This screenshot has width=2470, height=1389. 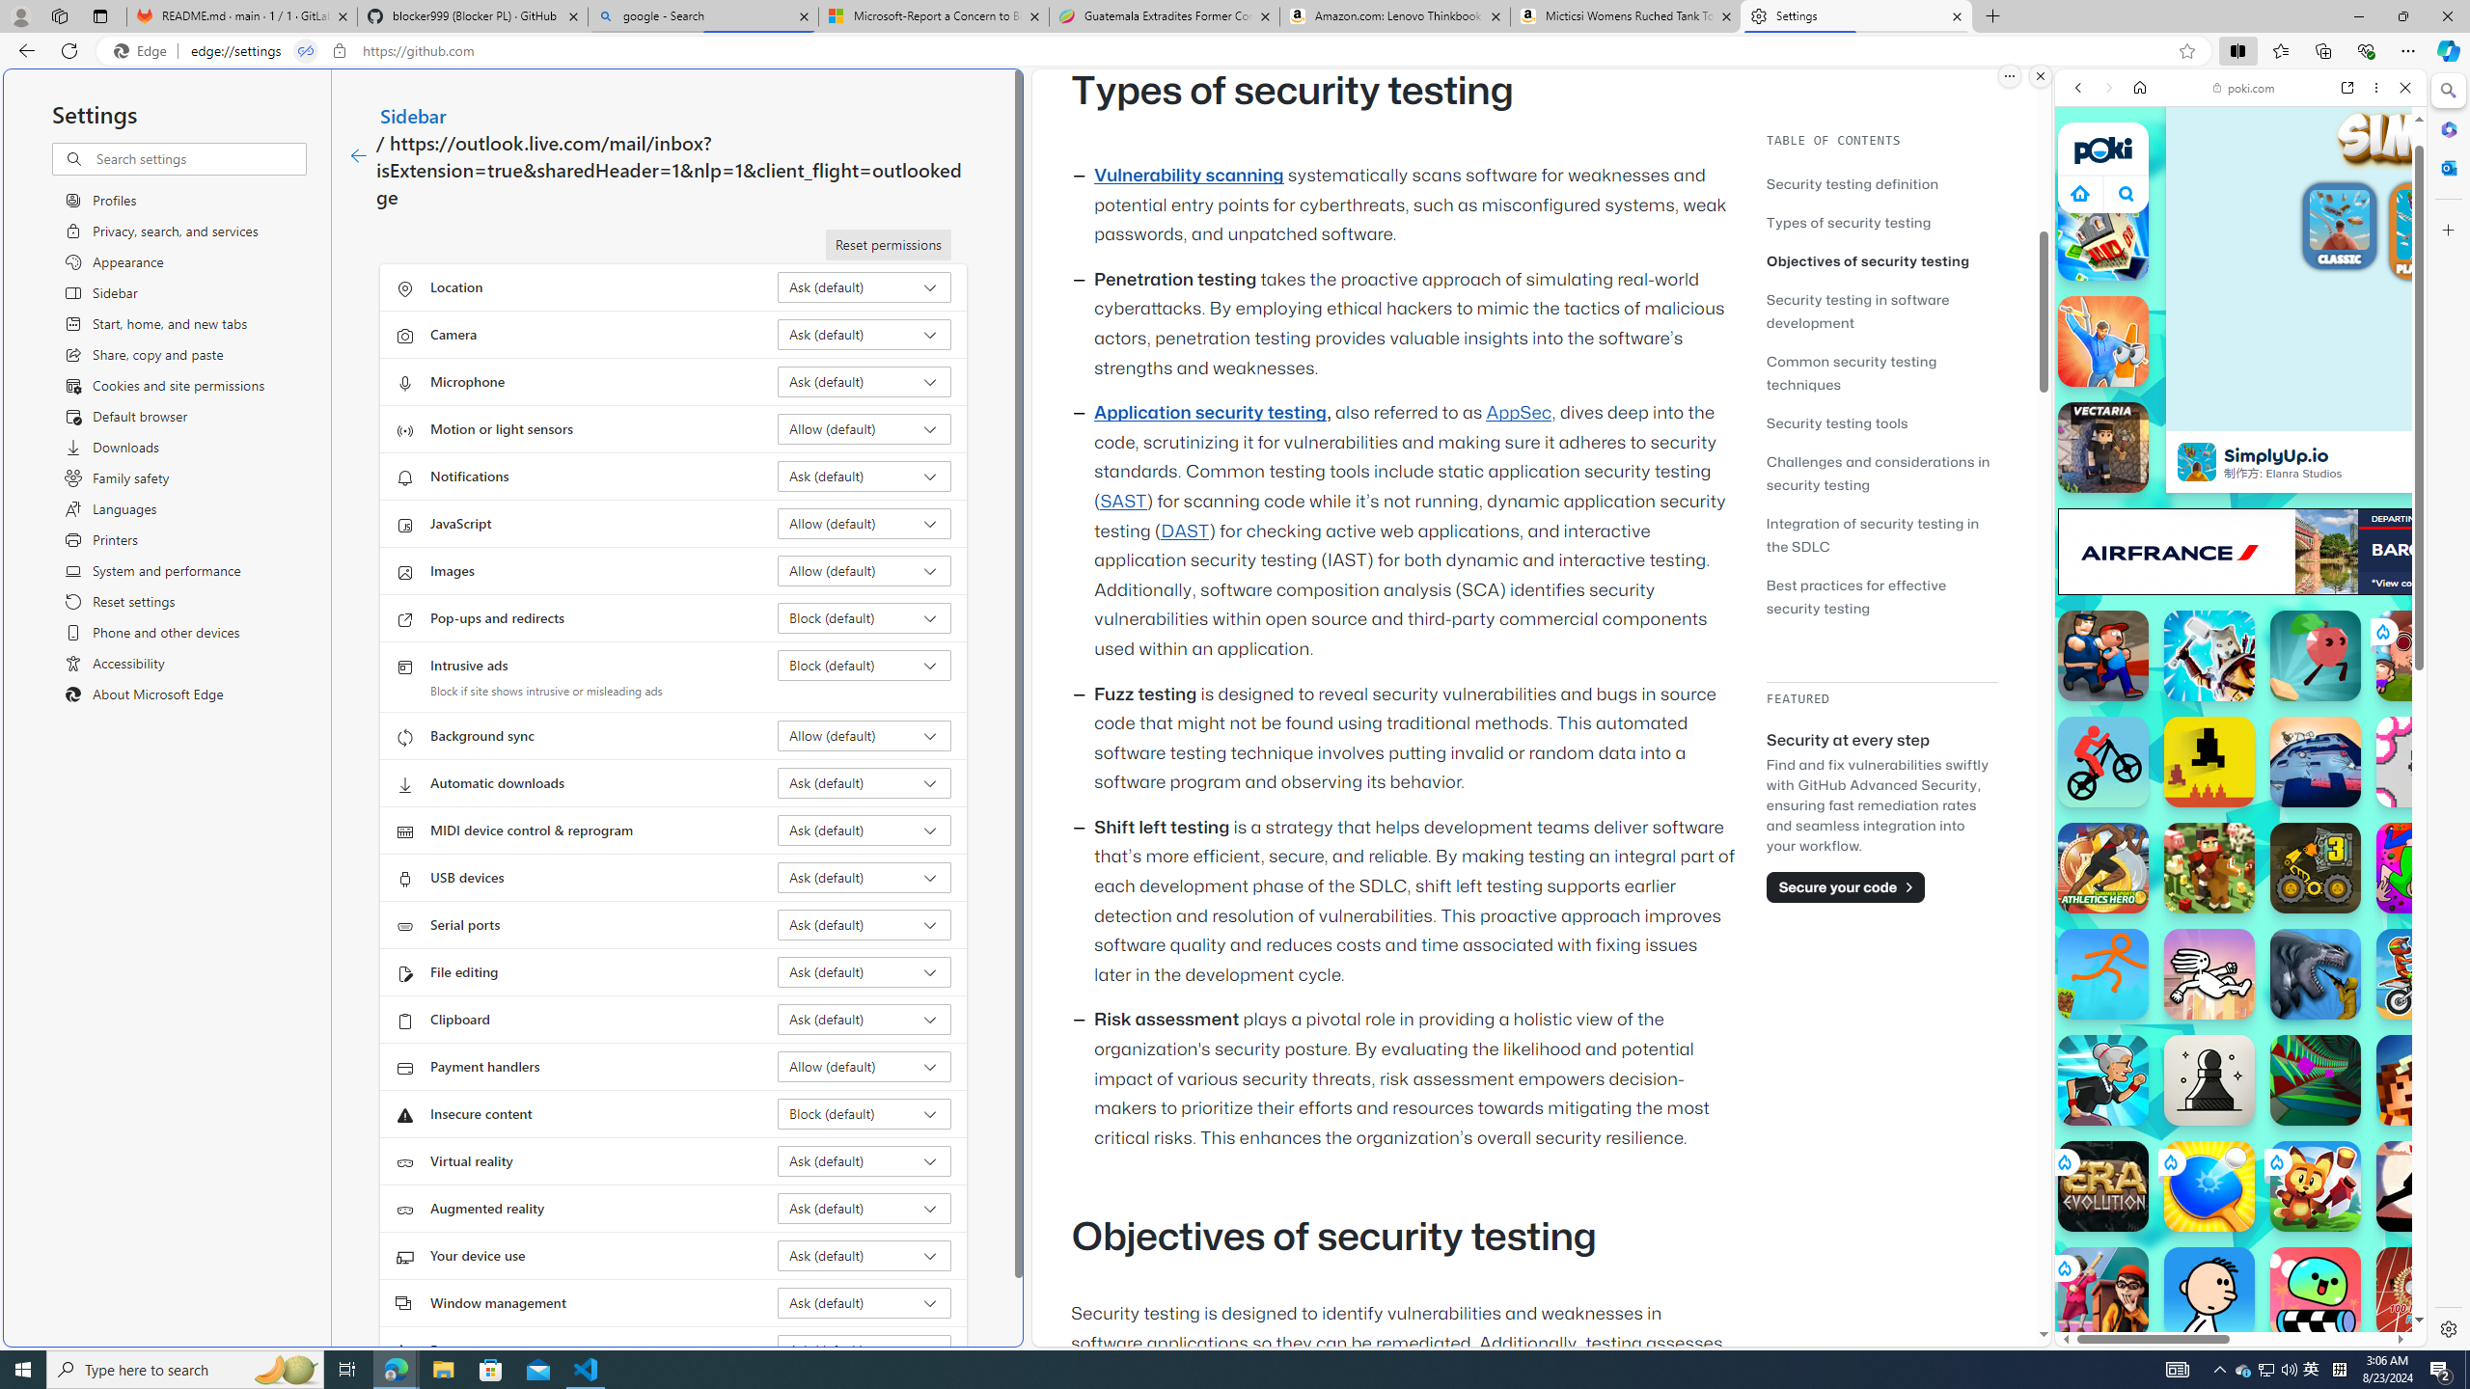 I want to click on 'Ping Pong Go! Ping Pong Go!', so click(x=2208, y=1185).